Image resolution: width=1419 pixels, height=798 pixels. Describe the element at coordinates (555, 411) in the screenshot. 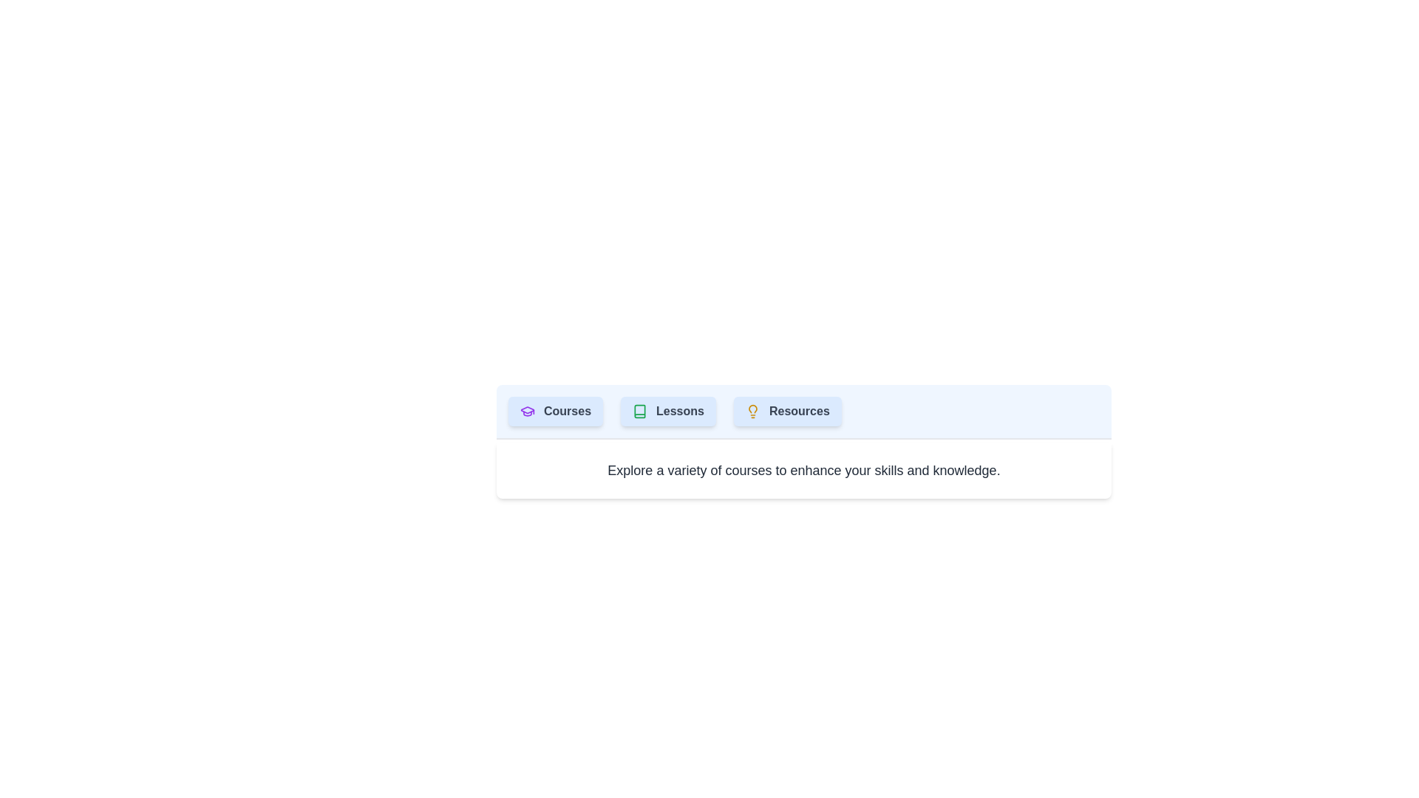

I see `the tab labeled Courses to view its content` at that location.